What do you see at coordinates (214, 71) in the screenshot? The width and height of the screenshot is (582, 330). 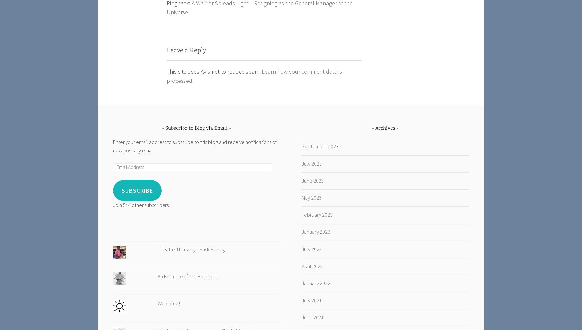 I see `'This site uses Akismet to reduce spam.'` at bounding box center [214, 71].